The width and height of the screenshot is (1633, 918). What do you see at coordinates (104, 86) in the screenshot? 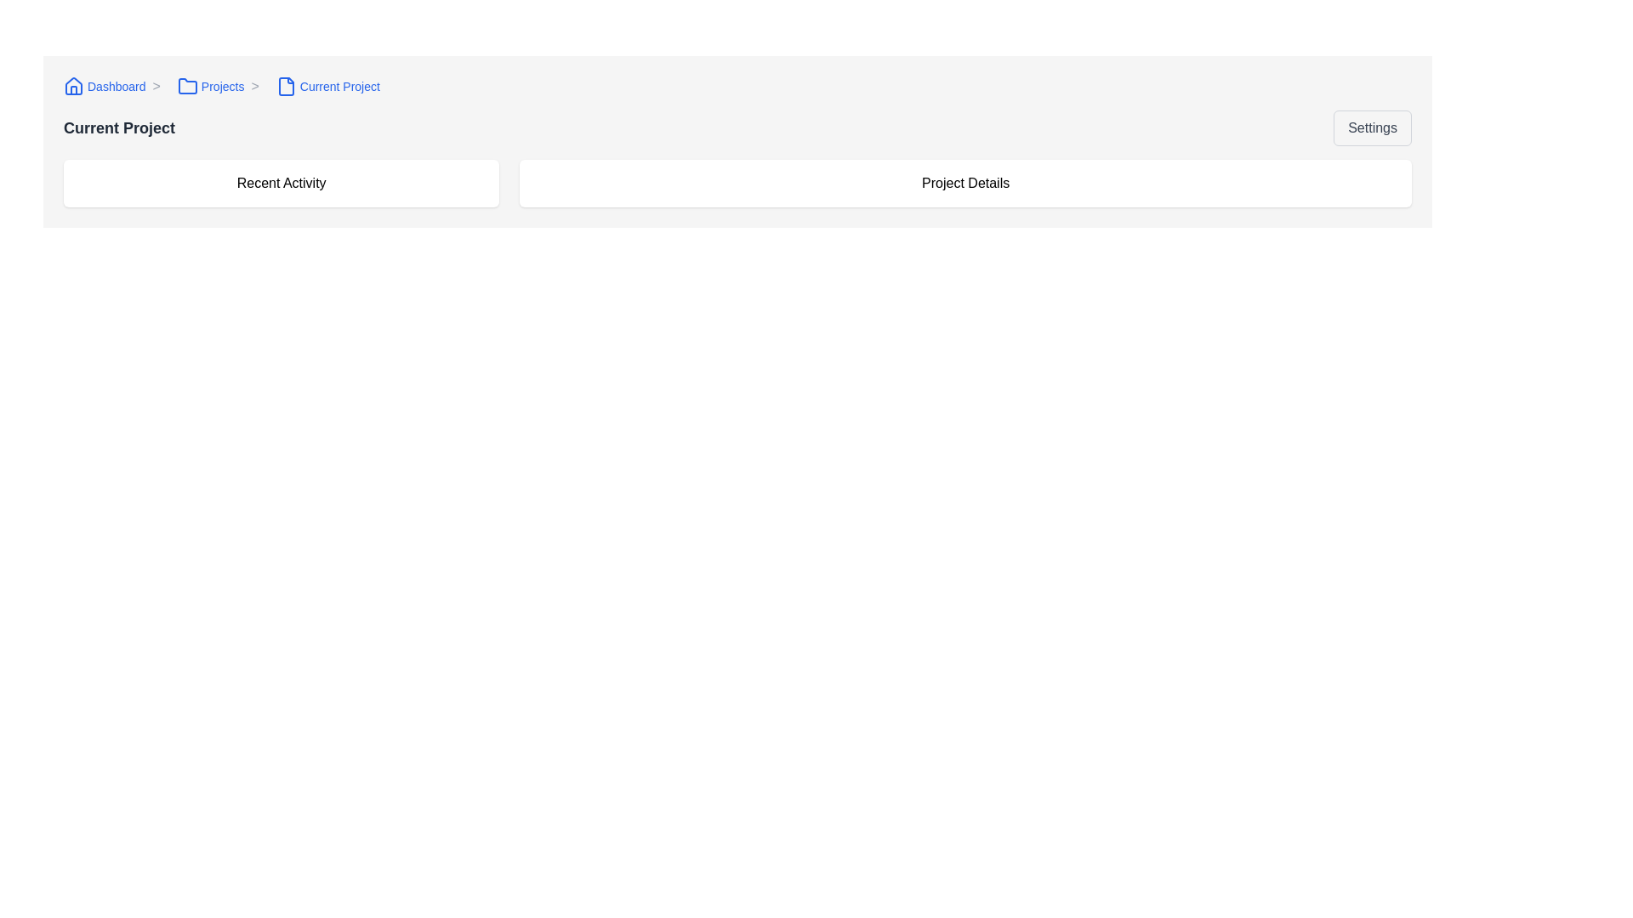
I see `the interactive hyperlink labeled 'Dashboard' with a house icon` at bounding box center [104, 86].